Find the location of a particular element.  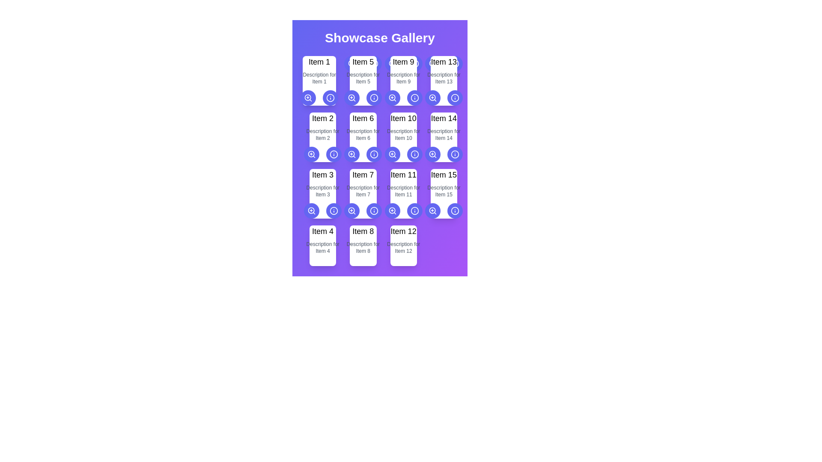

the circular button with a magnifying glass icon on a purple background, located under 'Item 5' in the grid layout is located at coordinates (352, 97).